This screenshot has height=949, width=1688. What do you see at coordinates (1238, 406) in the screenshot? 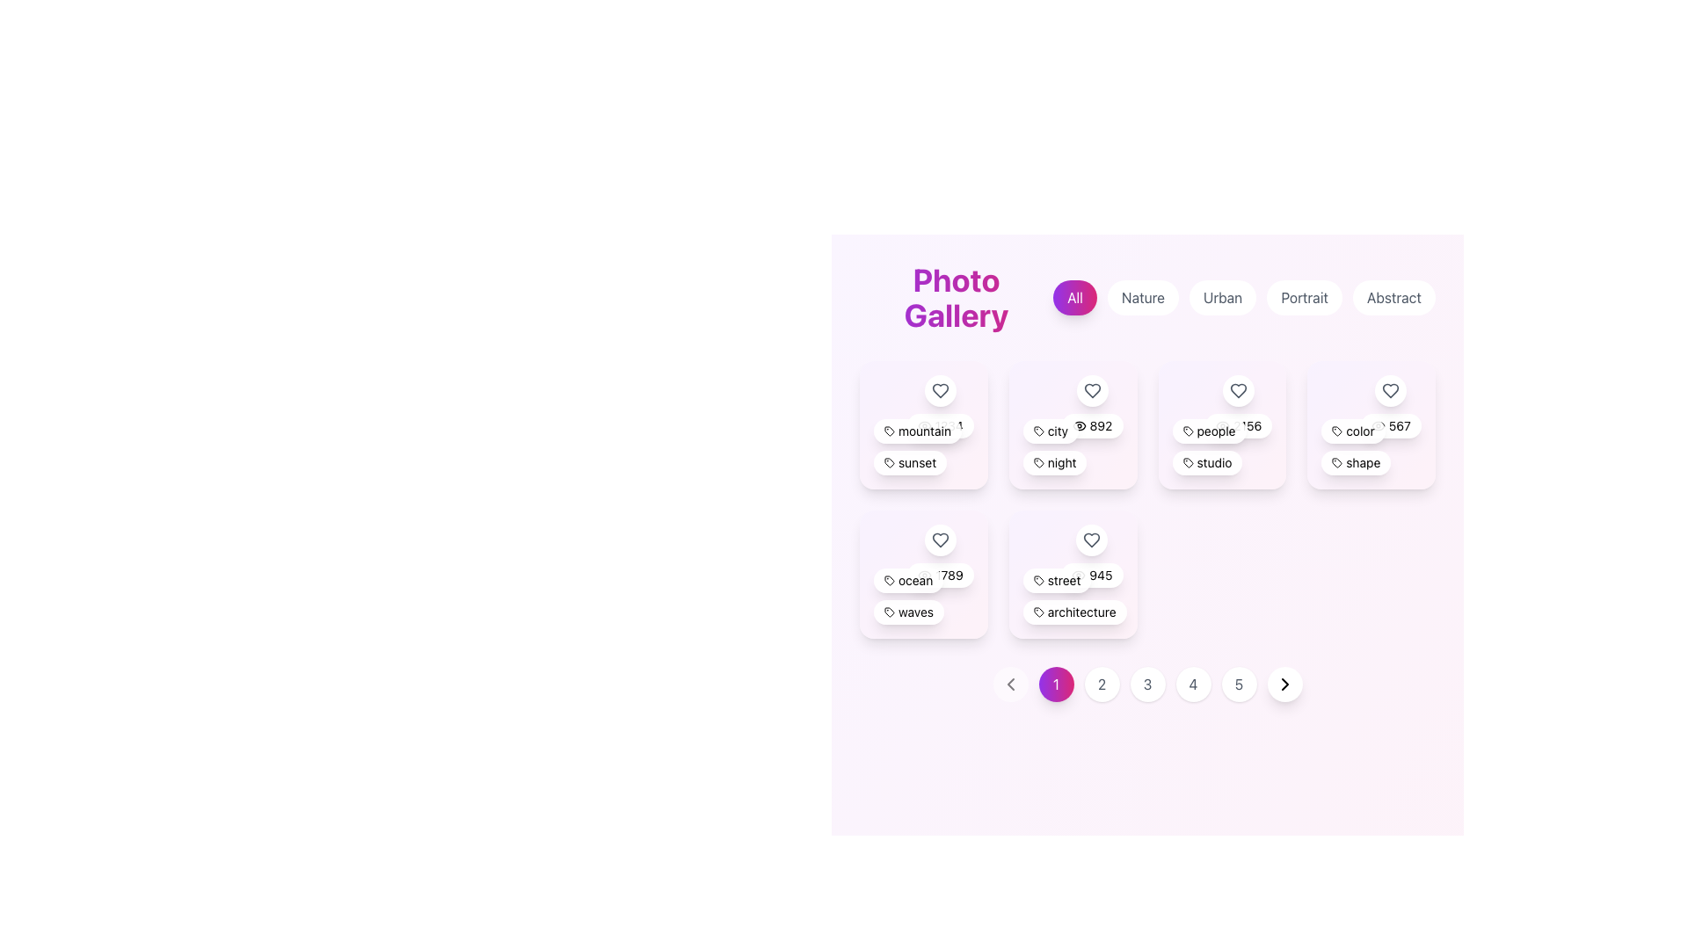
I see `the 'like' button located at the top-right section of the card, positioned above the numerical text '2156' and the label 'people'` at bounding box center [1238, 406].